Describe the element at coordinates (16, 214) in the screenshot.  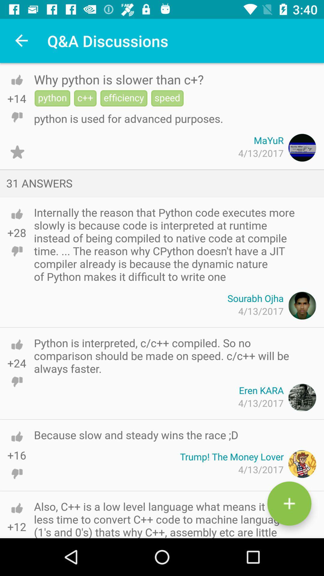
I see `give approval to answer` at that location.